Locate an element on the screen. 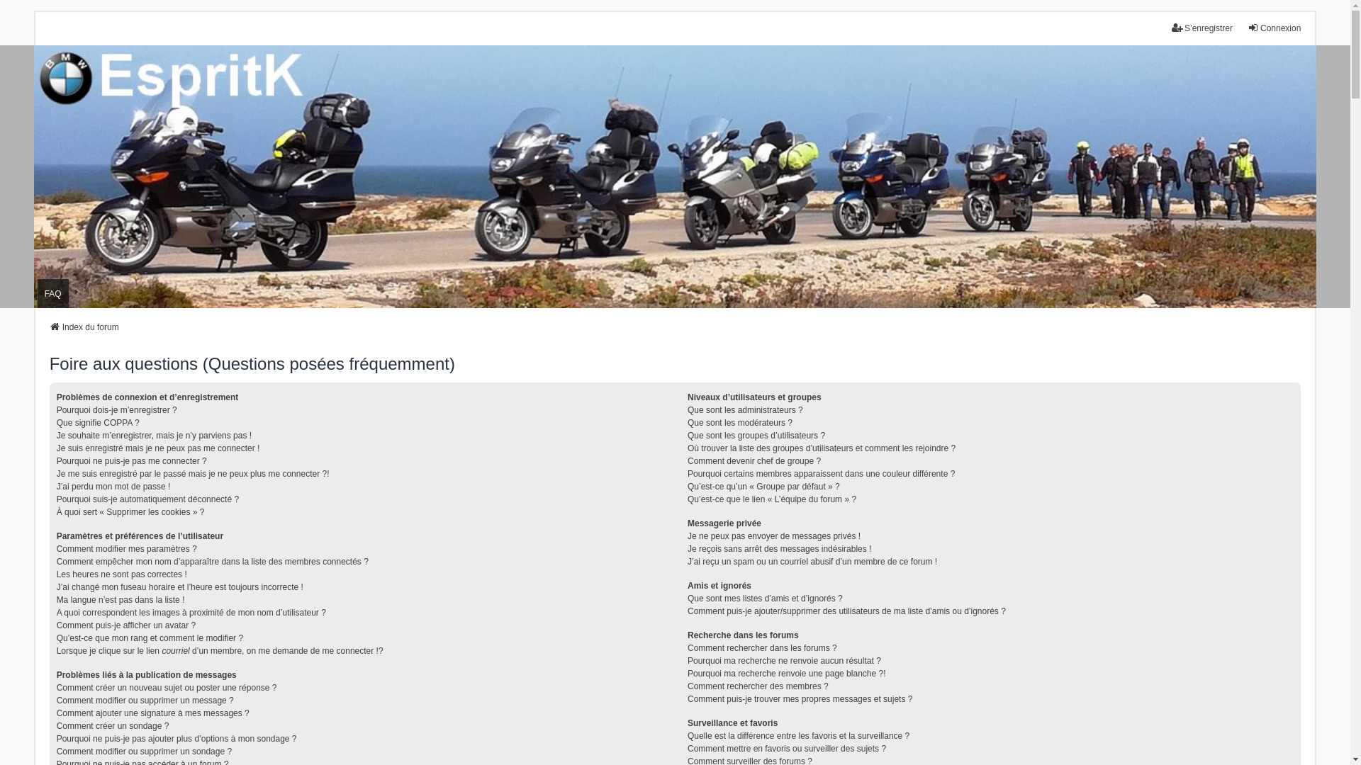  'Connexion' is located at coordinates (1274, 28).